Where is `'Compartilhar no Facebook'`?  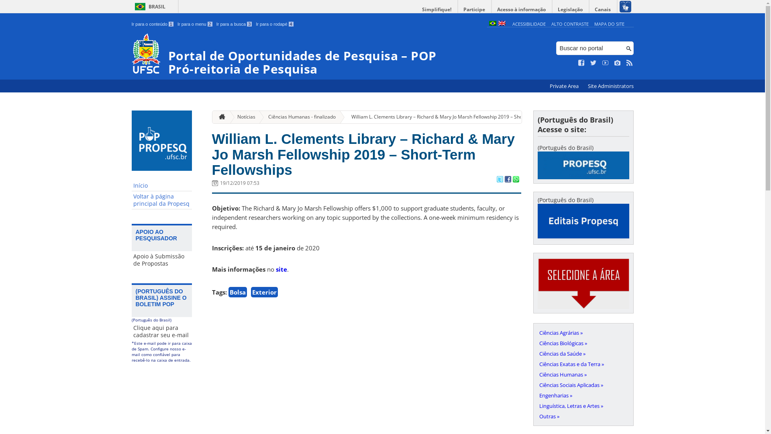
'Compartilhar no Facebook' is located at coordinates (507, 179).